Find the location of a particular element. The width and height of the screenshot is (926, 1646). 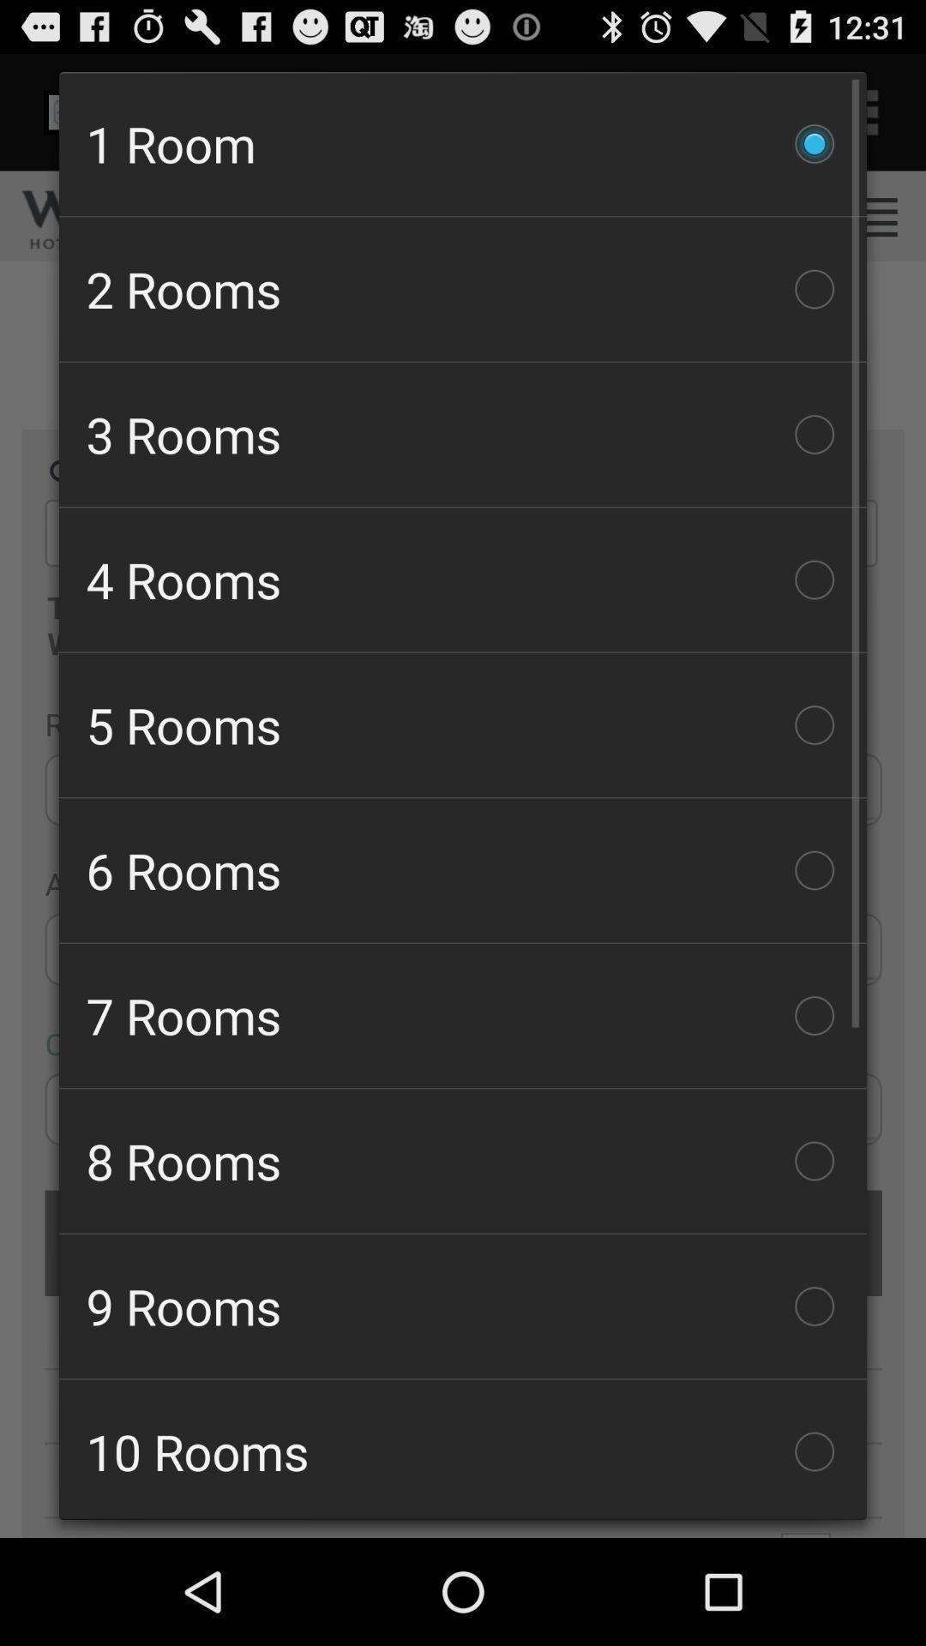

the item below the 2 rooms item is located at coordinates (463, 435).